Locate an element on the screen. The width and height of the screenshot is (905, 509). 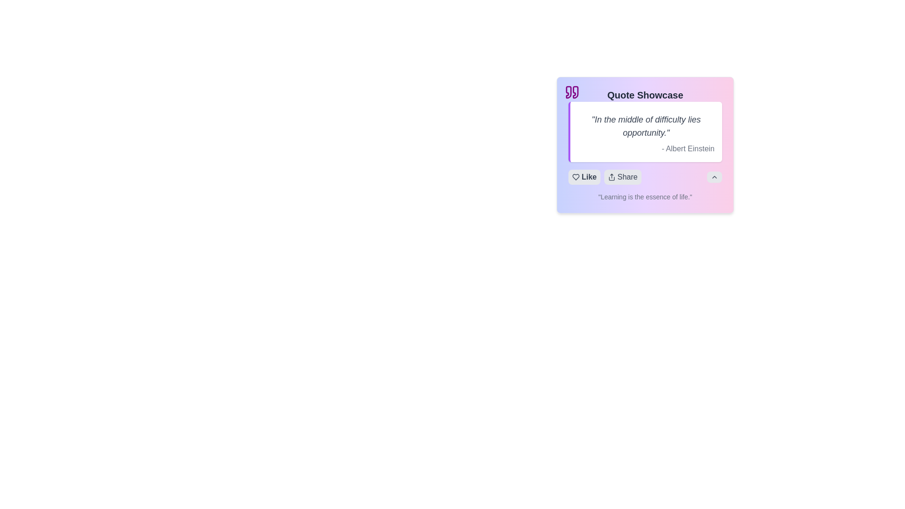
the Interactive button group containing the 'Like' and 'Share' buttons is located at coordinates (644, 177).